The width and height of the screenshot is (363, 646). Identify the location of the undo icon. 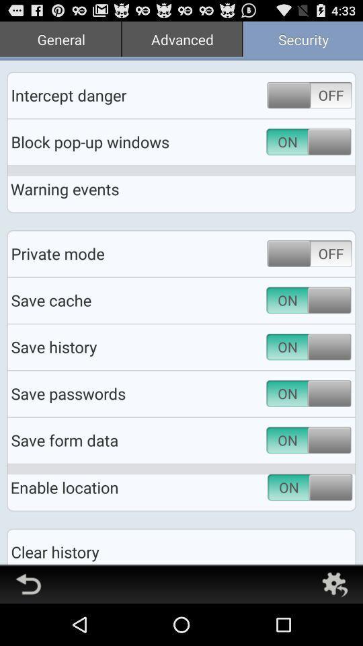
(28, 625).